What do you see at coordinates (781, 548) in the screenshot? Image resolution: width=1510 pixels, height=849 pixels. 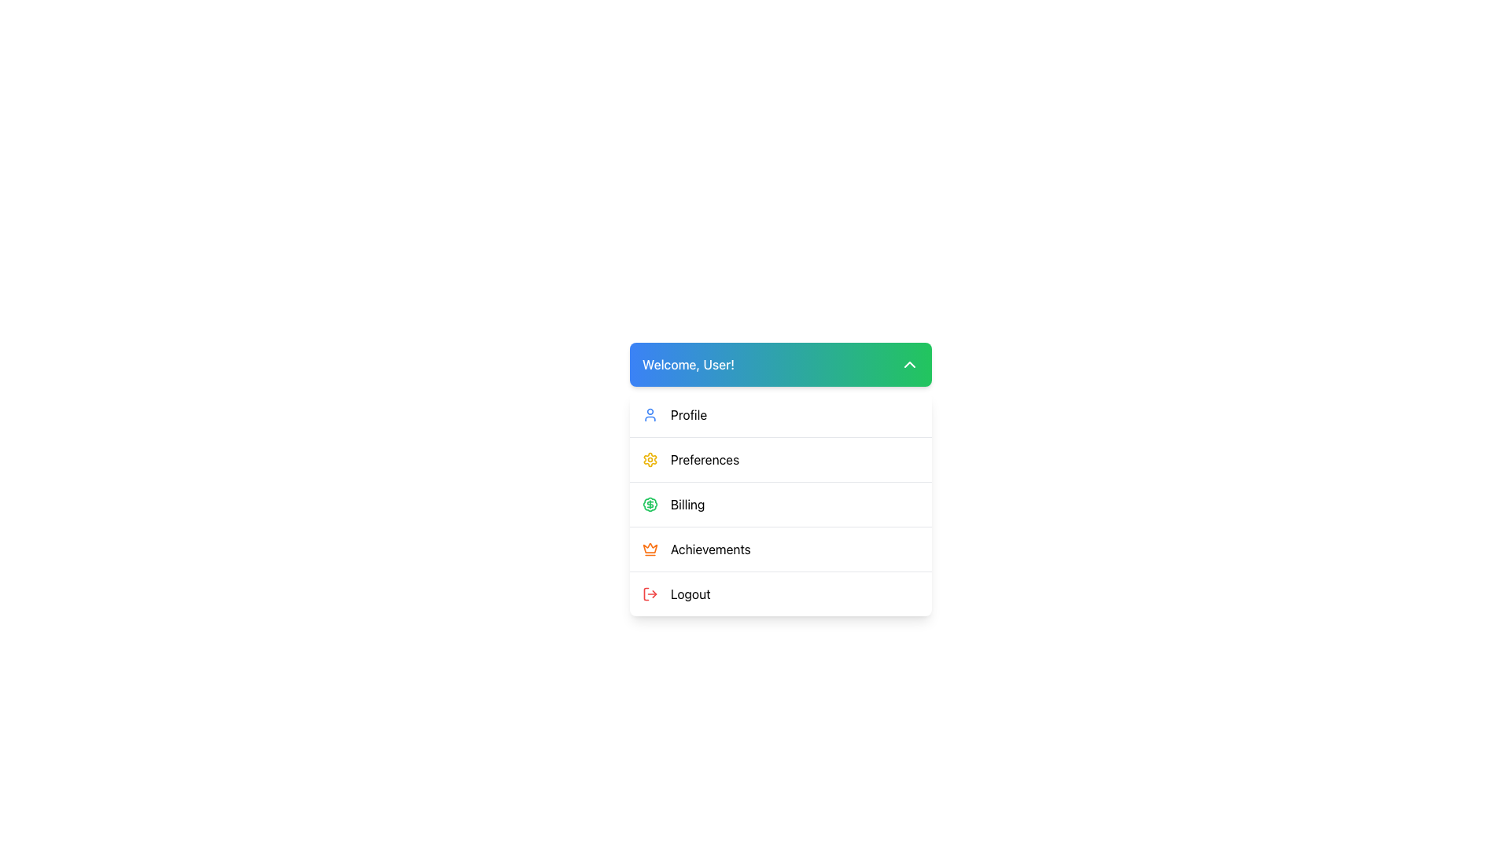 I see `the 'Achievements' button, which is the fourth item in a vertical list within a dropdown menu, located below 'Billing' and above 'Logout'` at bounding box center [781, 548].